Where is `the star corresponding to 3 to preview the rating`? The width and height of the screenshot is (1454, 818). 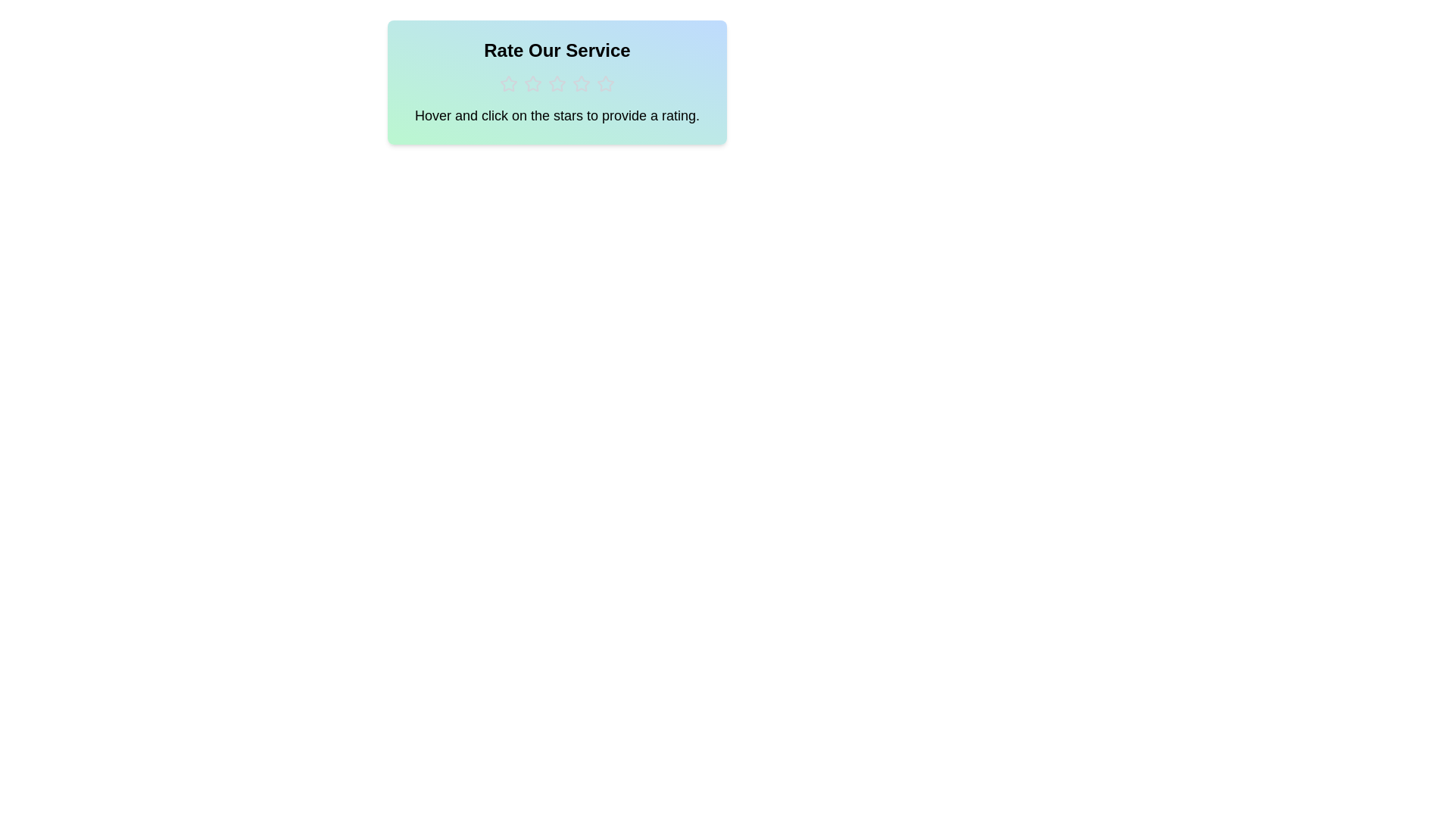
the star corresponding to 3 to preview the rating is located at coordinates (556, 84).